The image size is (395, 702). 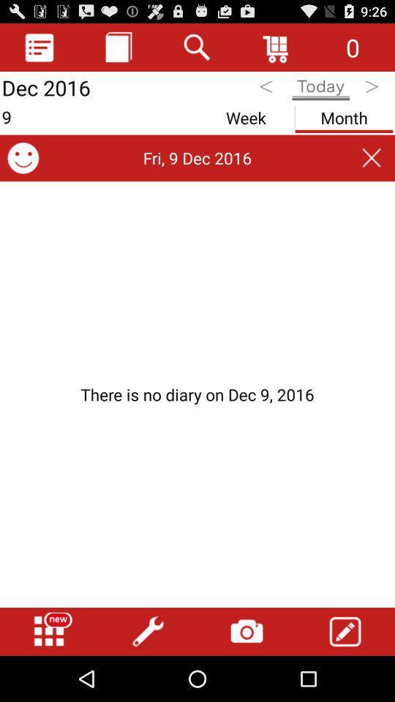 What do you see at coordinates (344, 114) in the screenshot?
I see `month view` at bounding box center [344, 114].